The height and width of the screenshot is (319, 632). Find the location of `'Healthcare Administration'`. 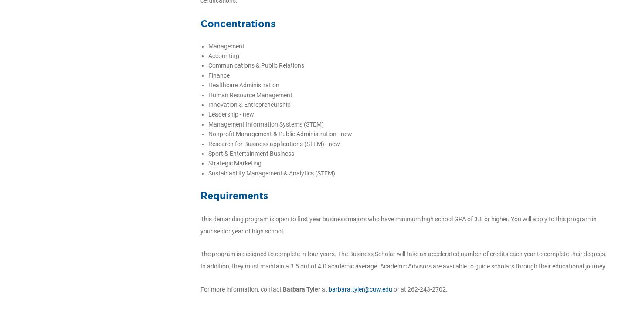

'Healthcare Administration' is located at coordinates (243, 85).